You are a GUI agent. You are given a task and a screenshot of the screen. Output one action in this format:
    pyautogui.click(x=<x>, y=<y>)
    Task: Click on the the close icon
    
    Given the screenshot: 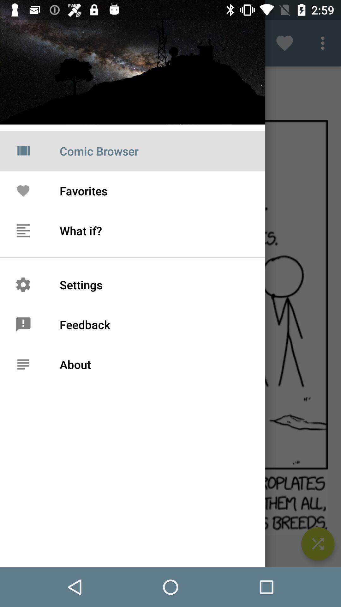 What is the action you would take?
    pyautogui.click(x=318, y=543)
    